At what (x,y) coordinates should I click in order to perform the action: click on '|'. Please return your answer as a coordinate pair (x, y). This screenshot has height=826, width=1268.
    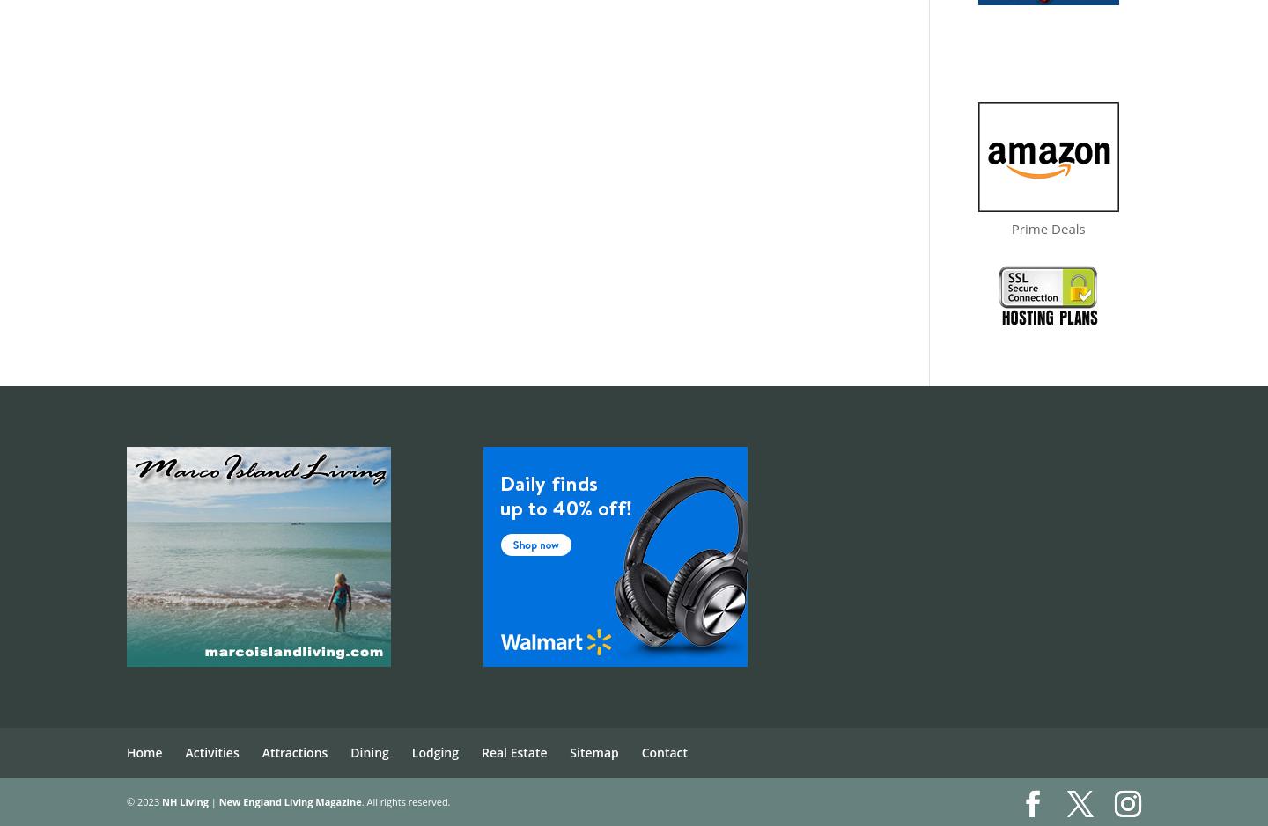
    Looking at the image, I should click on (212, 800).